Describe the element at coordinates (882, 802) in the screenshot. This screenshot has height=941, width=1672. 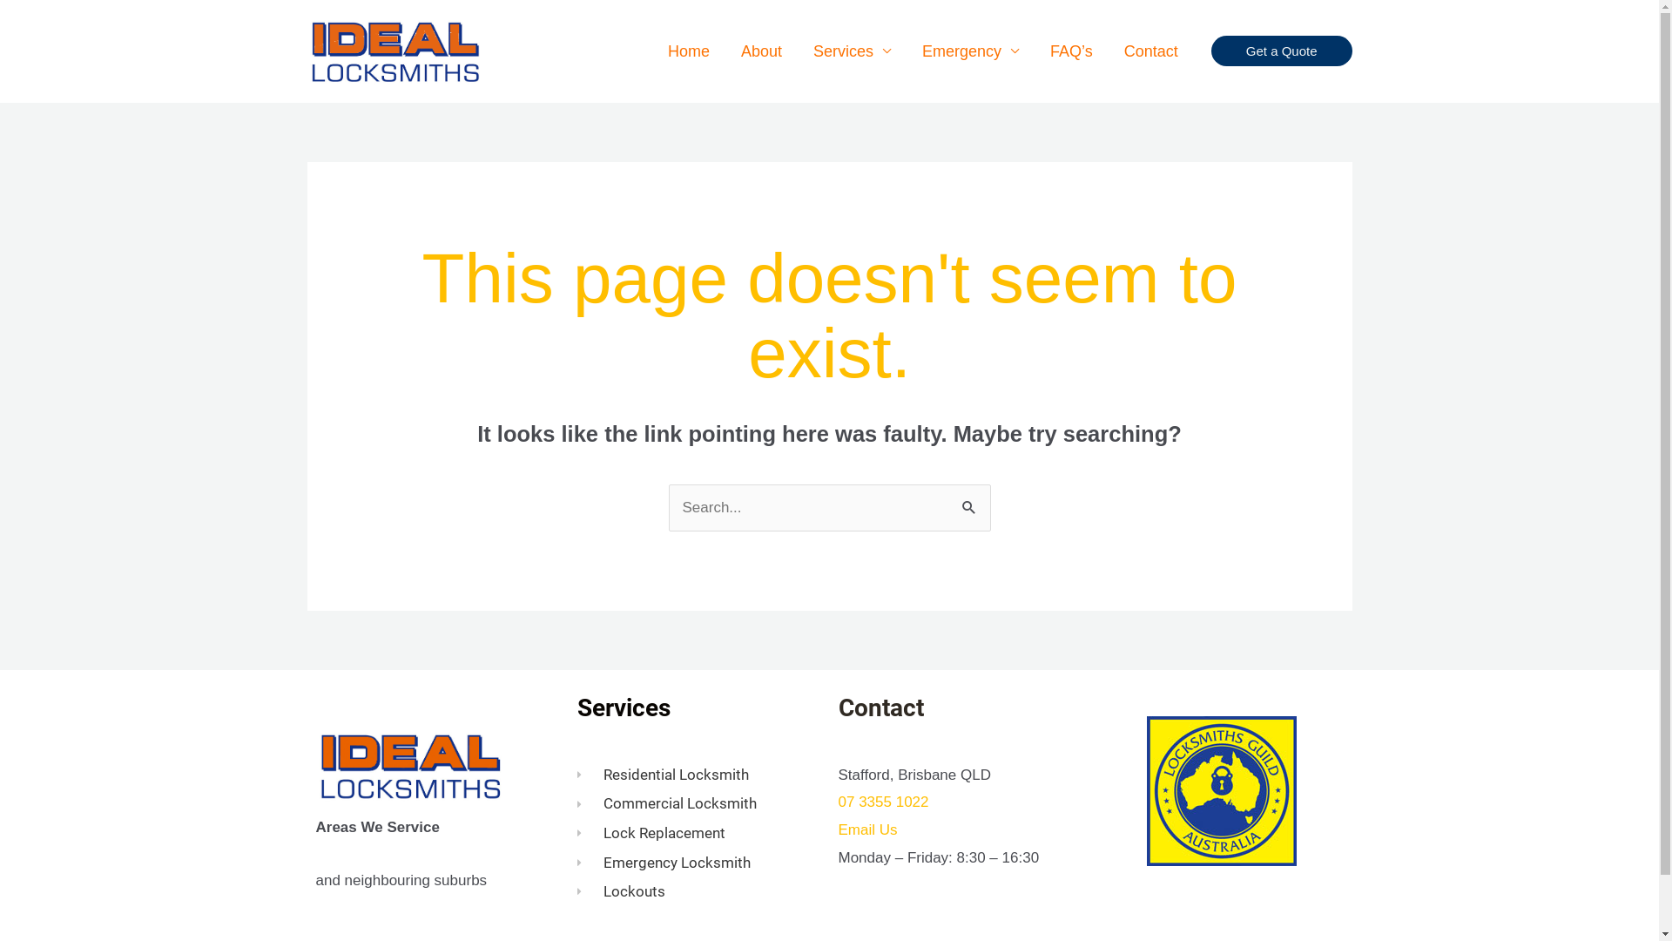
I see `'07 3355 1022'` at that location.